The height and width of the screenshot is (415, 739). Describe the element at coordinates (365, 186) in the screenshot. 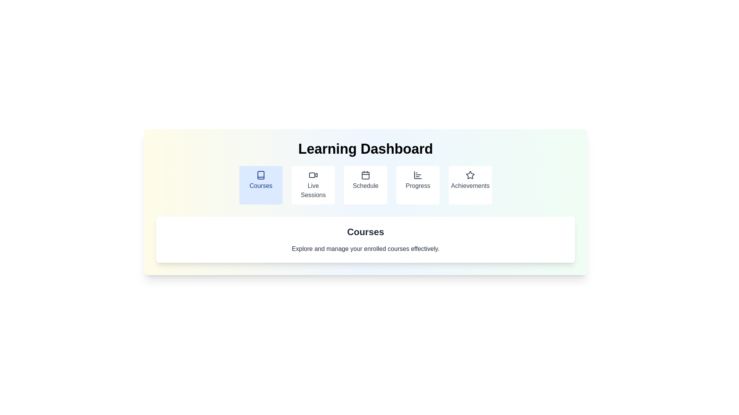

I see `the 'Schedule' text label button with a calendar icon` at that location.